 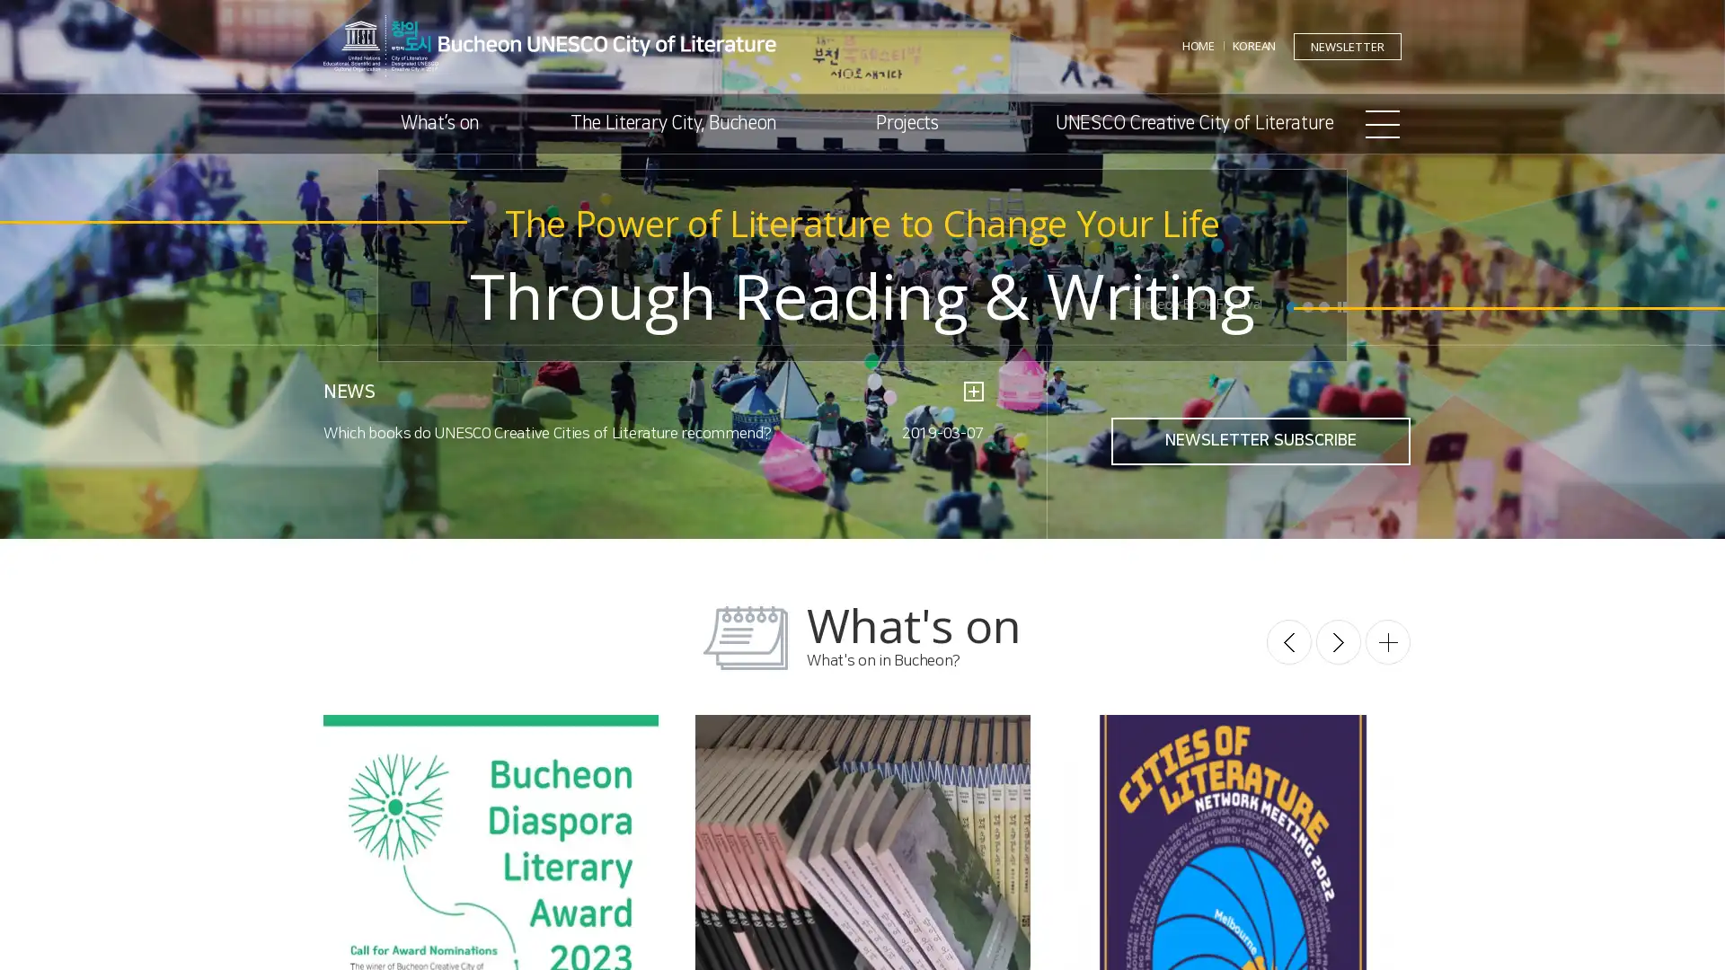 I want to click on Open all menu, so click(x=1383, y=123).